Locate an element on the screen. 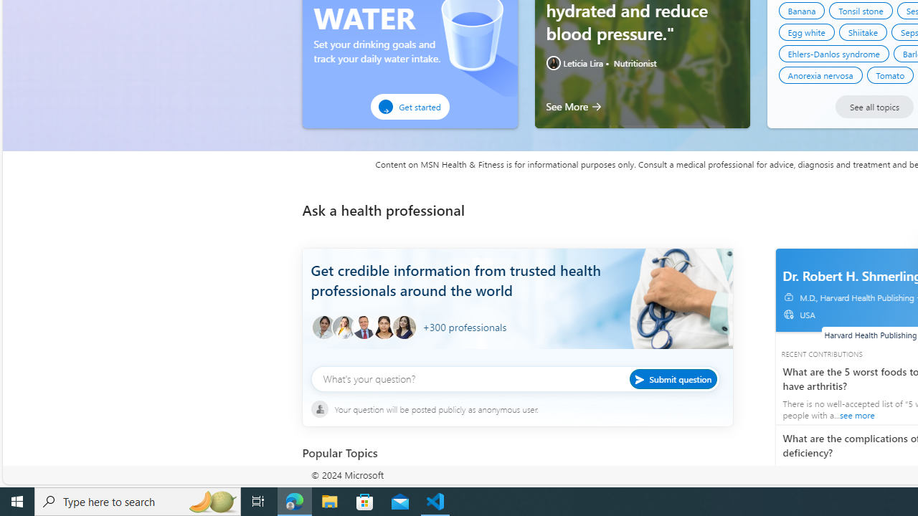 This screenshot has height=516, width=918. 'See all topics' is located at coordinates (874, 106).